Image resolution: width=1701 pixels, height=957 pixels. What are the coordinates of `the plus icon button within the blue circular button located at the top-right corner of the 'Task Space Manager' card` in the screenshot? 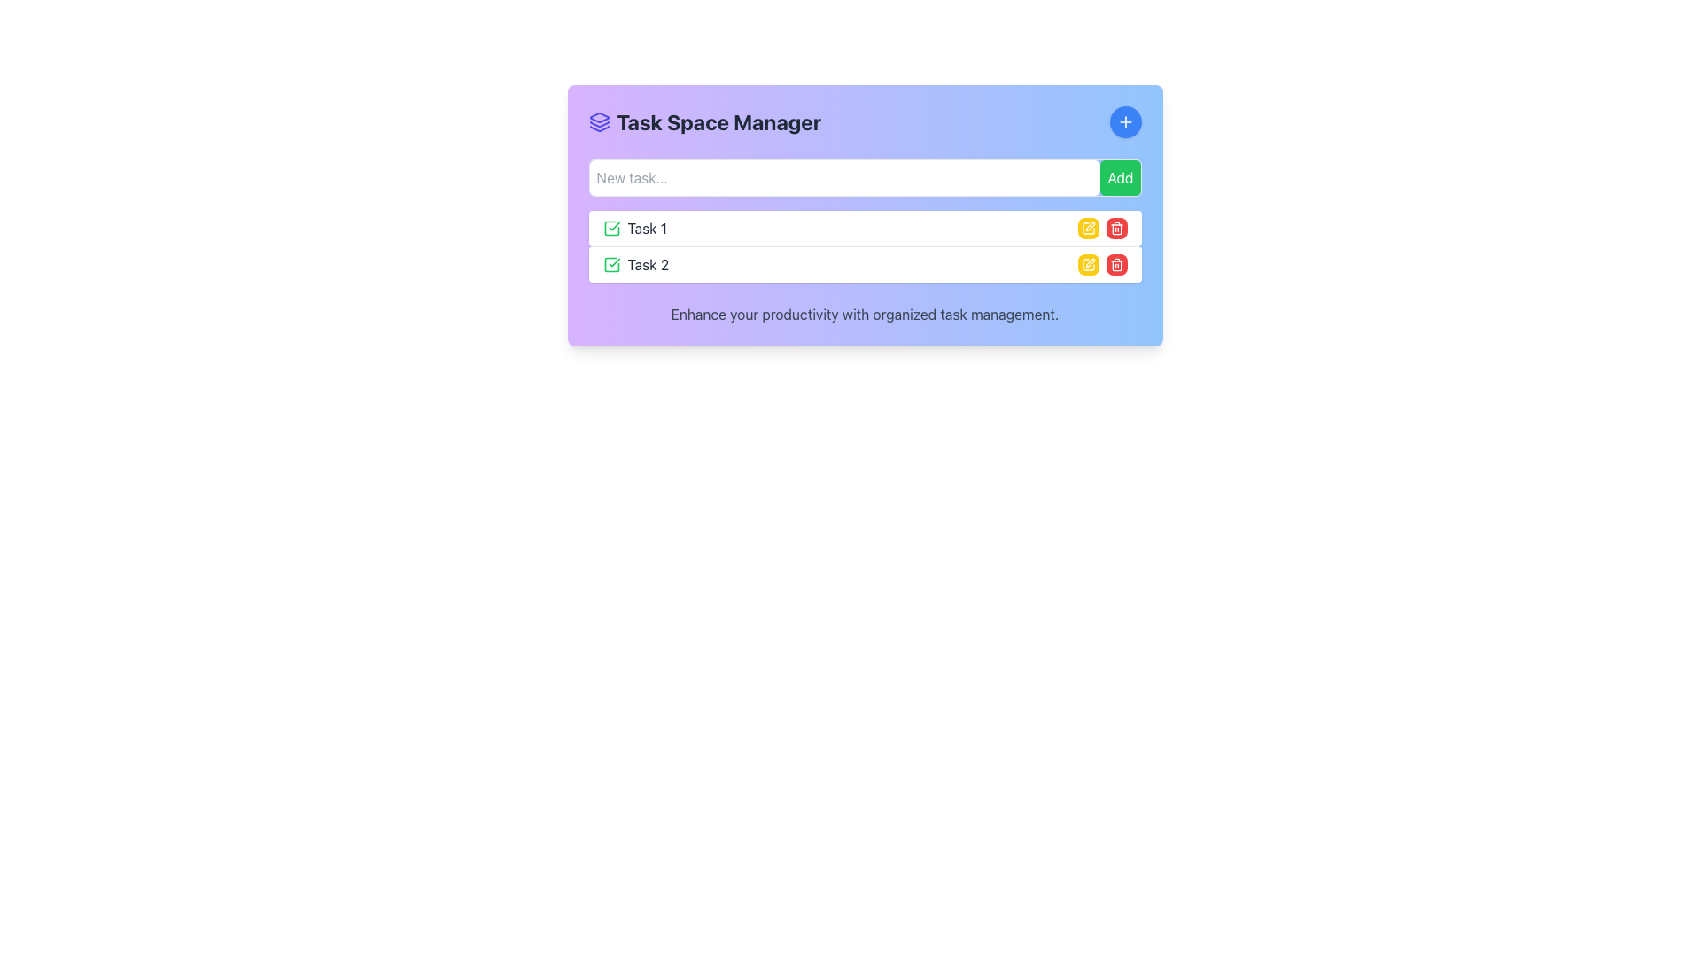 It's located at (1124, 121).